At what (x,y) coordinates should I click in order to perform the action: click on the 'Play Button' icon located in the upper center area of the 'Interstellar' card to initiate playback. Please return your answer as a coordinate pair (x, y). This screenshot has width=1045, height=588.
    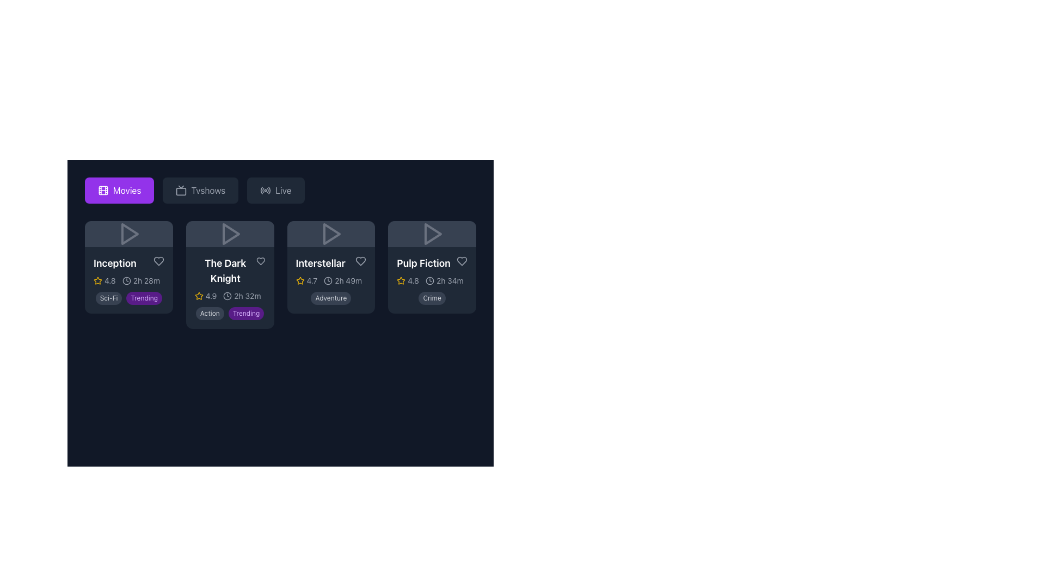
    Looking at the image, I should click on (330, 233).